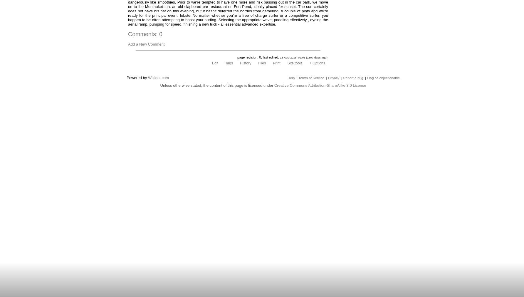  I want to click on '+ Options', so click(317, 63).